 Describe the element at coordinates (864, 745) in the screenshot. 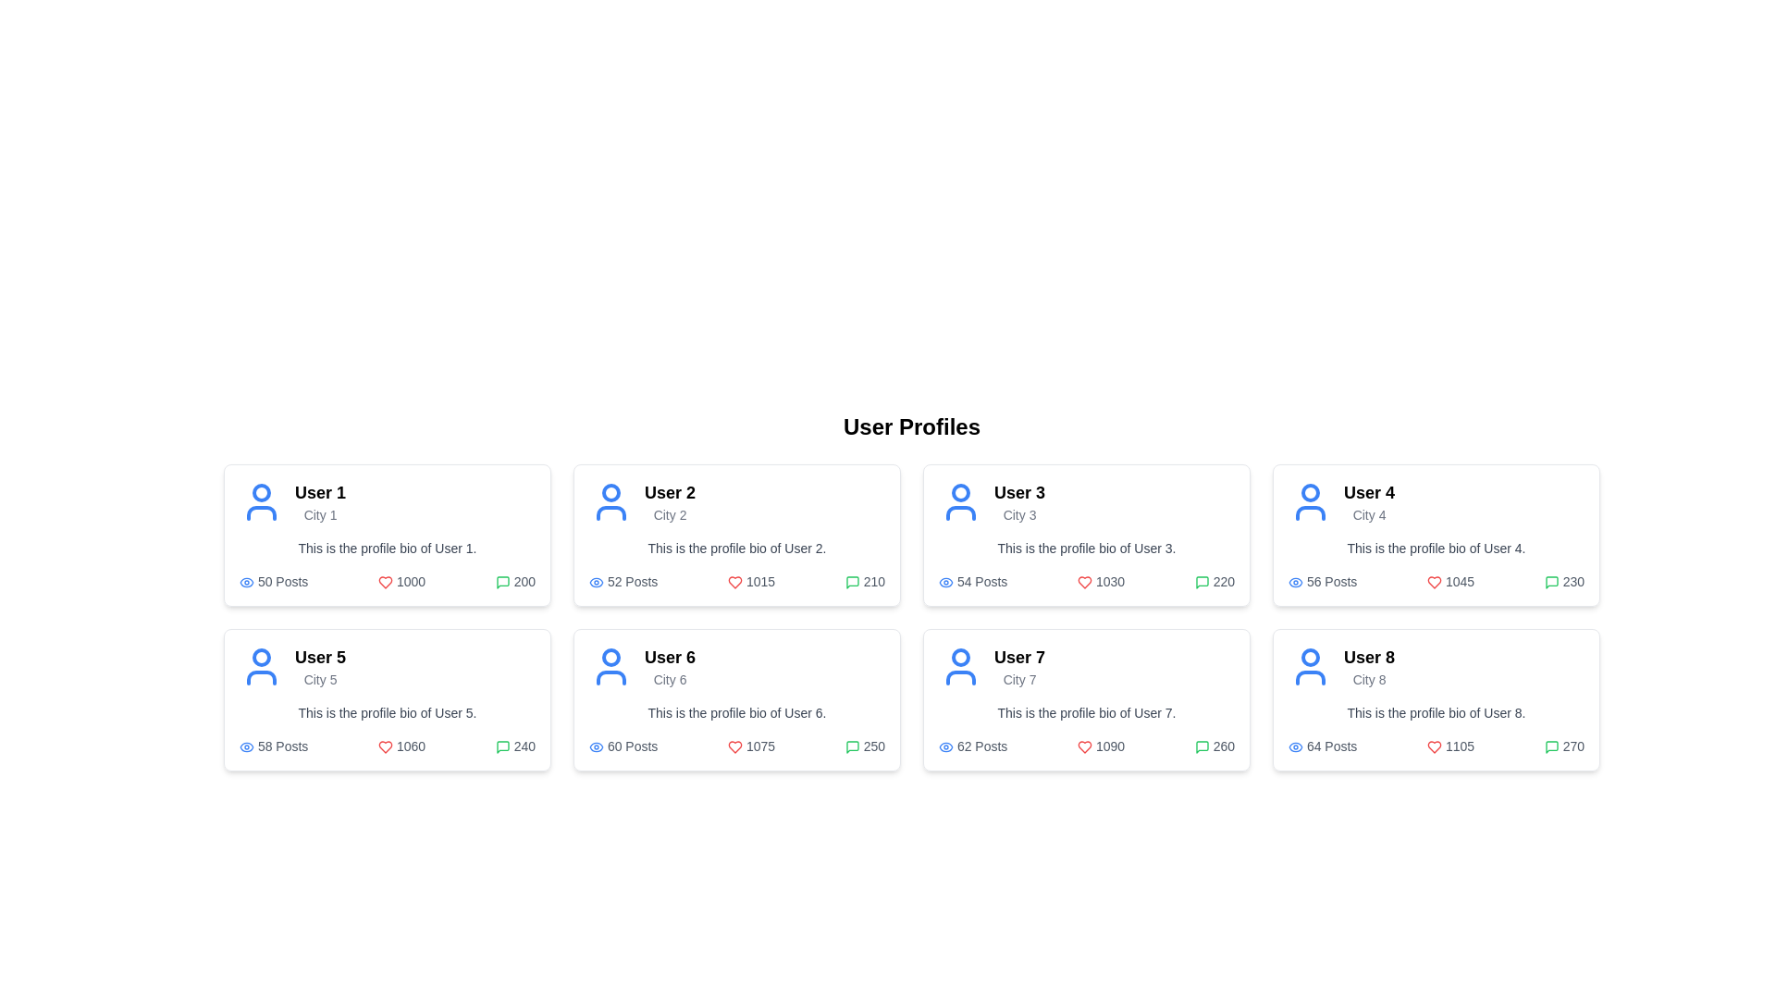

I see `the green bubble icon displaying the number of comments or messages associated with 'User 6's profile, located in the bottom-right corner of the user profile card` at that location.